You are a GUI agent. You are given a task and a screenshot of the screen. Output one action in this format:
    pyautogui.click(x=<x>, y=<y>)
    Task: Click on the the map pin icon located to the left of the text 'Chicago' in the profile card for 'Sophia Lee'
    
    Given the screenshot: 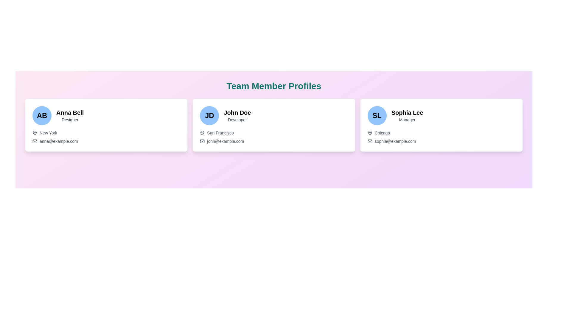 What is the action you would take?
    pyautogui.click(x=369, y=133)
    